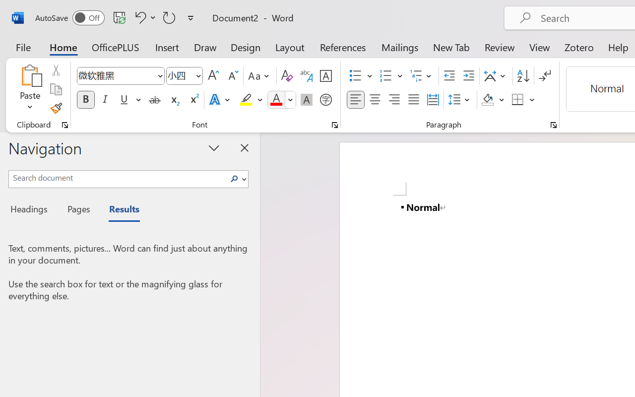 The image size is (635, 397). Describe the element at coordinates (493, 100) in the screenshot. I see `'Shading'` at that location.